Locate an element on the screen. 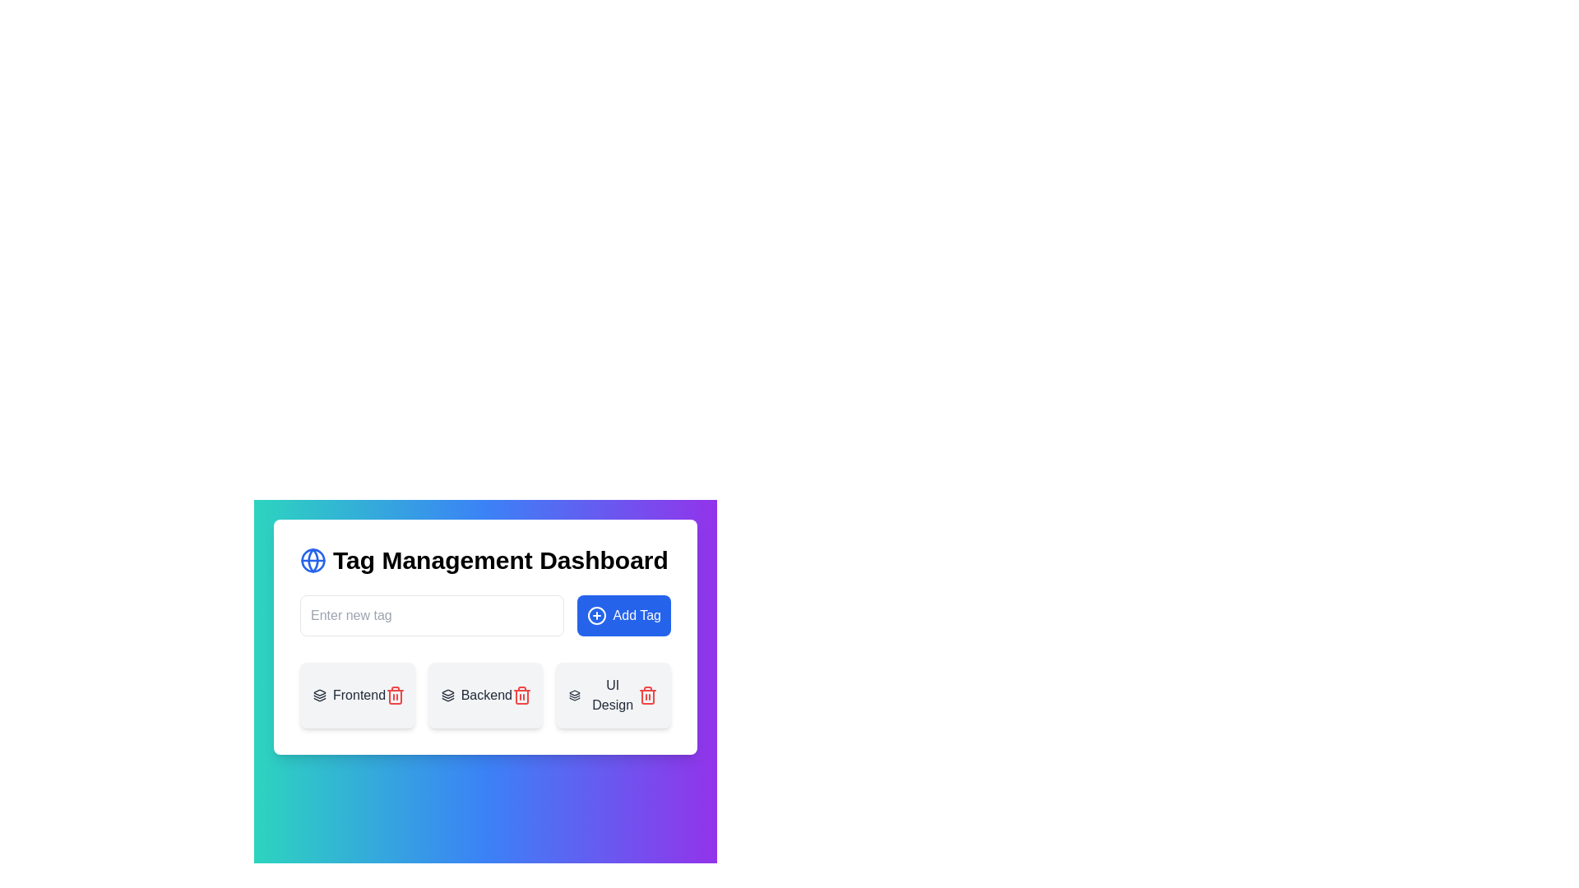 This screenshot has height=888, width=1579. the 'Add Tag' button located to the right of the 'Enter new tag' input field in the tag management interface is located at coordinates (623, 615).